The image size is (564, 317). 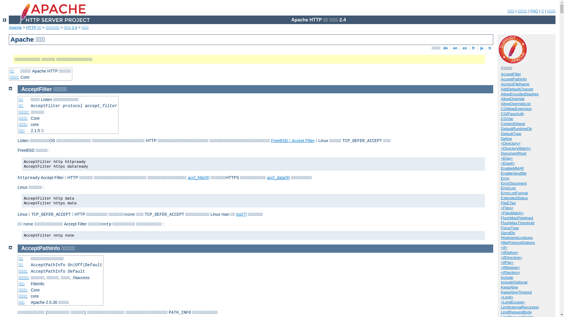 What do you see at coordinates (506, 139) in the screenshot?
I see `'Define'` at bounding box center [506, 139].